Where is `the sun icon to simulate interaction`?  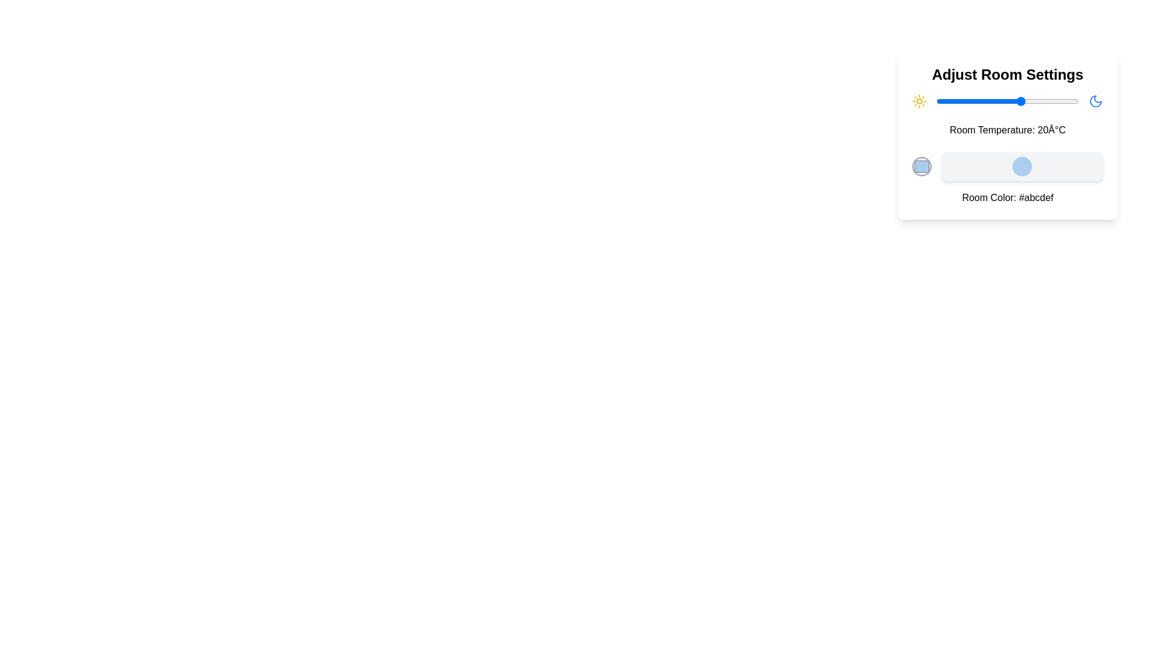
the sun icon to simulate interaction is located at coordinates (918, 101).